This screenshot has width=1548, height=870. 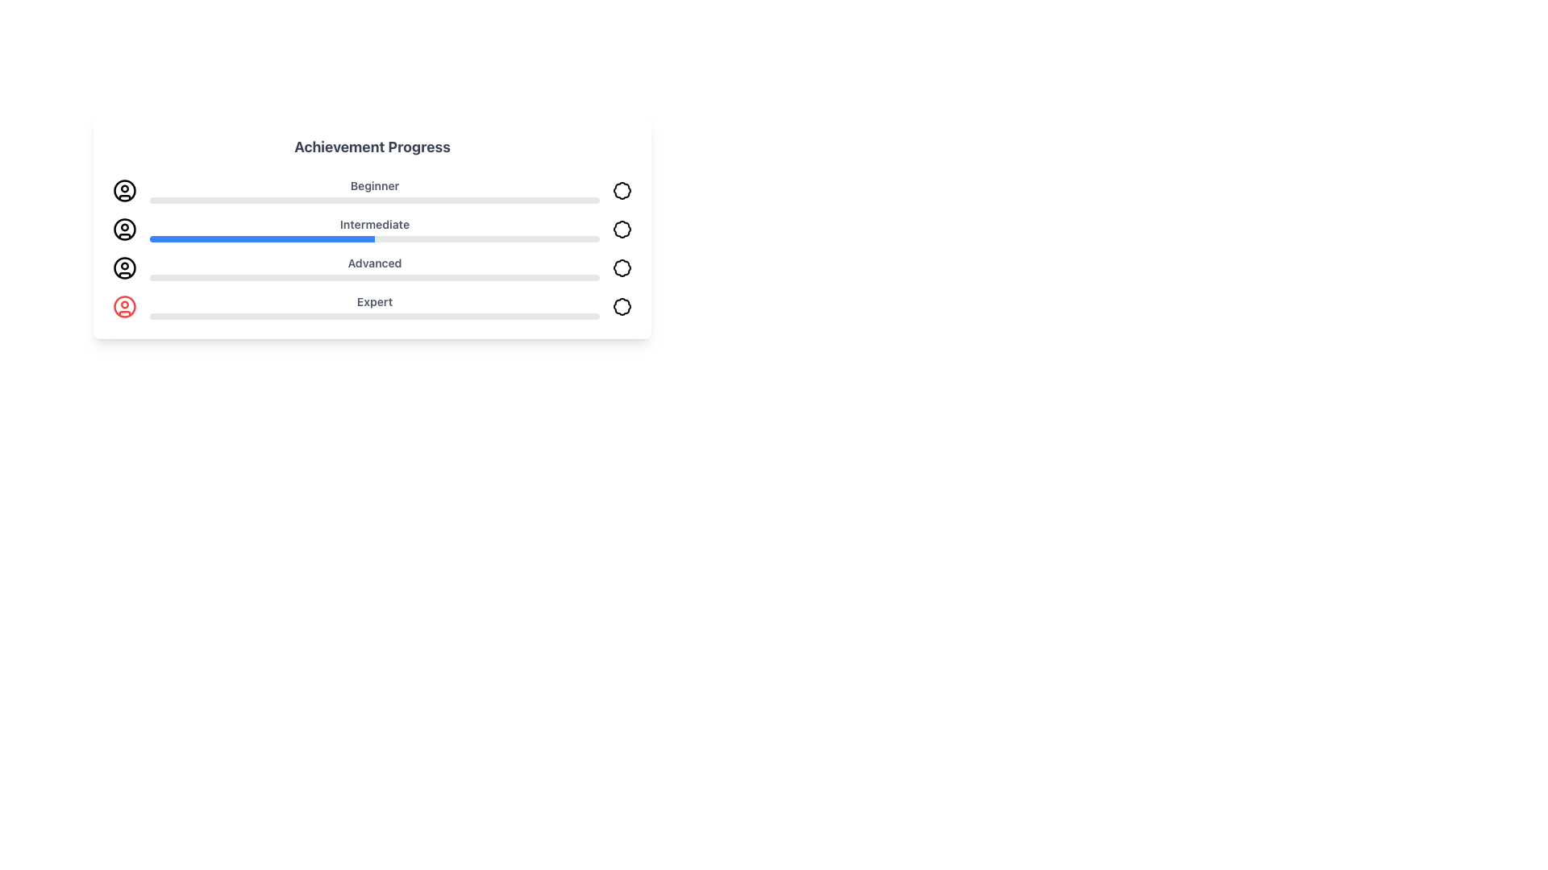 I want to click on the 'Beginner' level text label, which is centrally positioned in the first item of a vertical selection list, so click(x=374, y=189).